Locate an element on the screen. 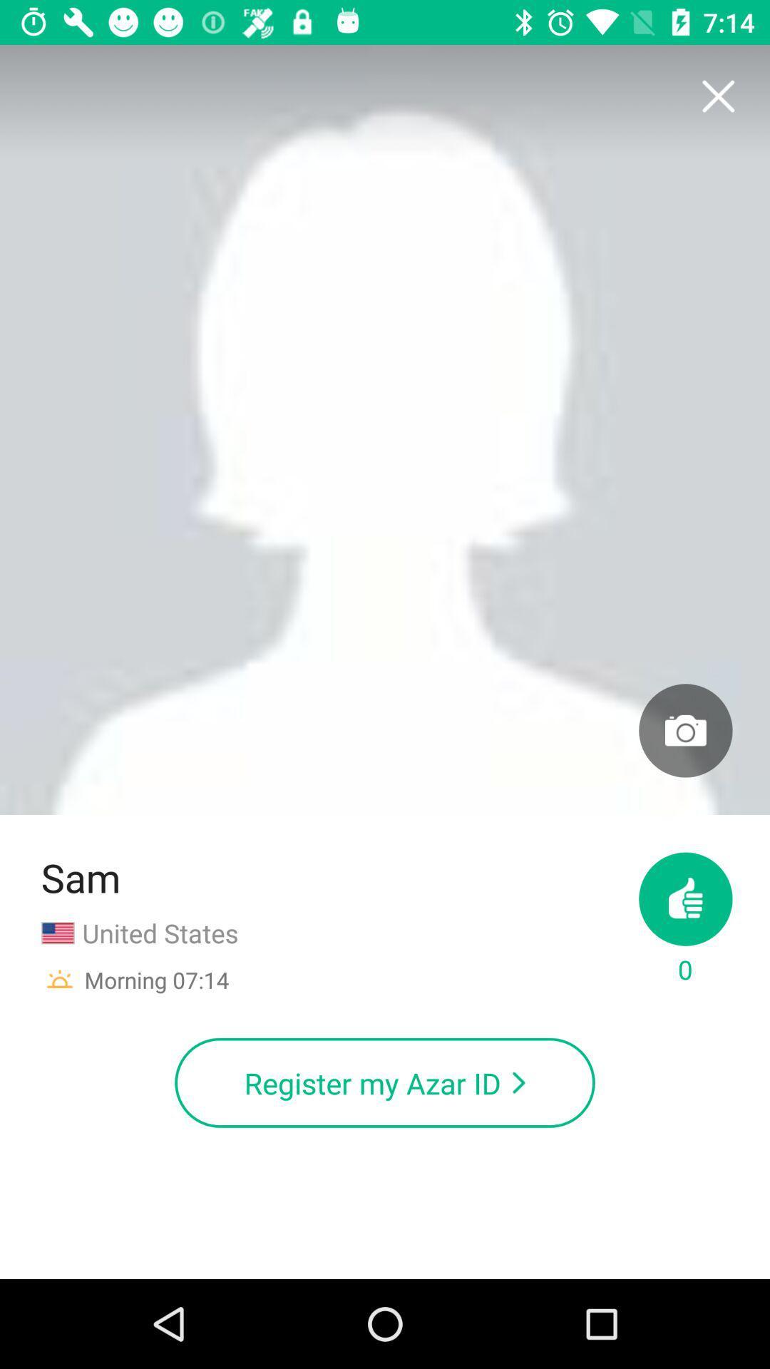  the 0 icon is located at coordinates (684, 920).